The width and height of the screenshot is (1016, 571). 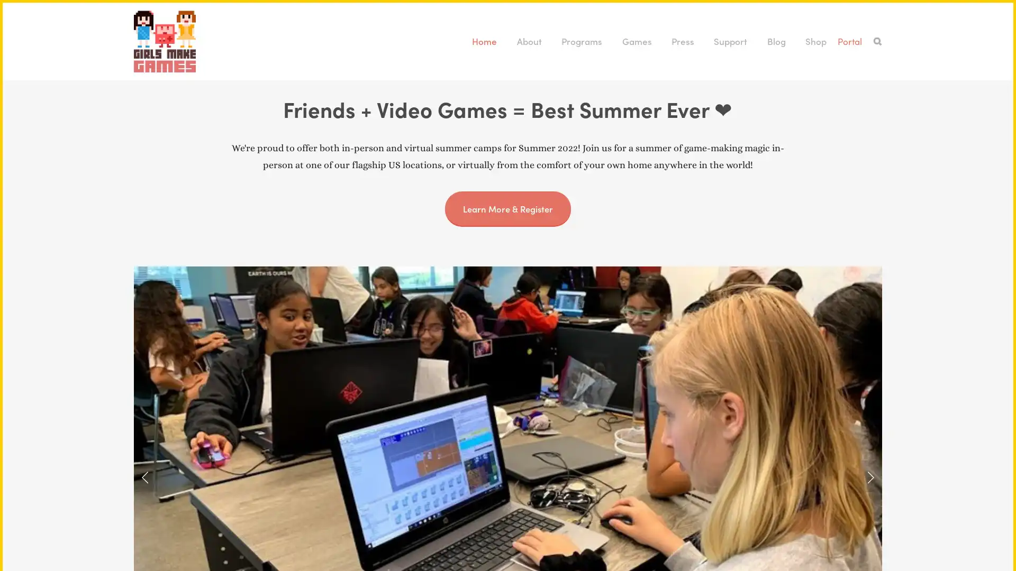 What do you see at coordinates (144, 476) in the screenshot?
I see `Previous Slide` at bounding box center [144, 476].